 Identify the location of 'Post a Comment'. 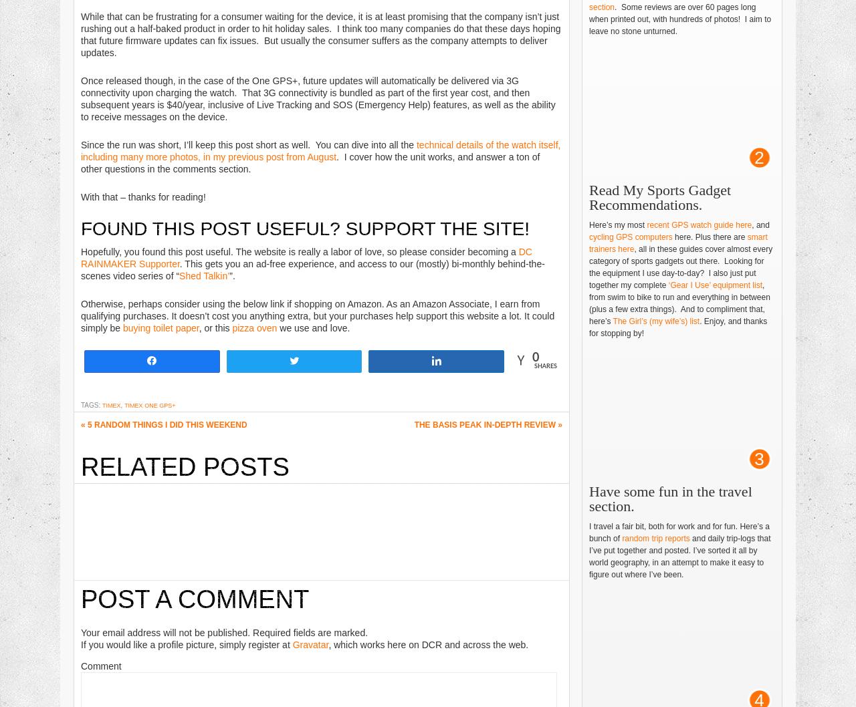
(80, 599).